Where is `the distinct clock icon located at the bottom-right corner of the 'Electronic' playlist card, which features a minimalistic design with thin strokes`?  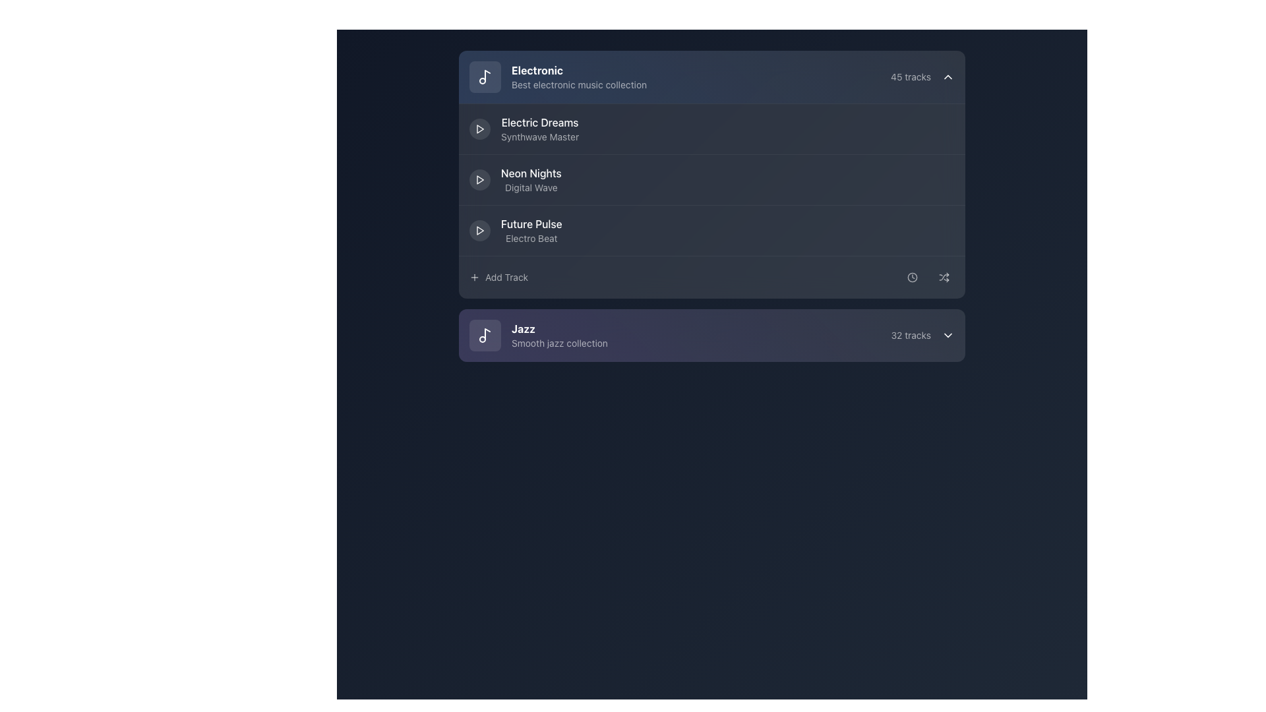 the distinct clock icon located at the bottom-right corner of the 'Electronic' playlist card, which features a minimalistic design with thin strokes is located at coordinates (911, 276).